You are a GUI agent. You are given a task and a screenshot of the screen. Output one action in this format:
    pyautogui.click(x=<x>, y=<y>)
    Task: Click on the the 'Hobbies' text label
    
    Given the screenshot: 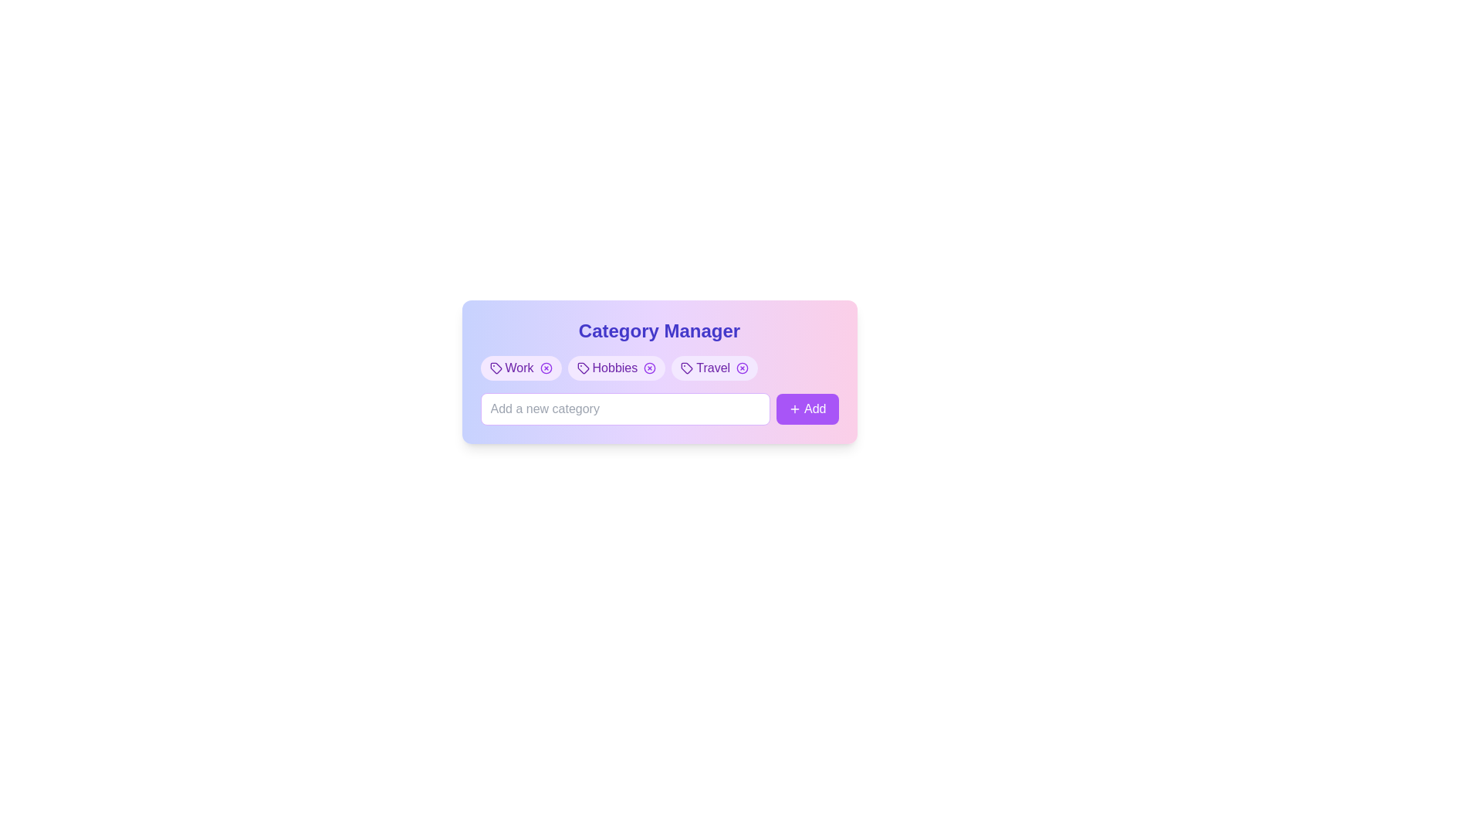 What is the action you would take?
    pyautogui.click(x=614, y=368)
    